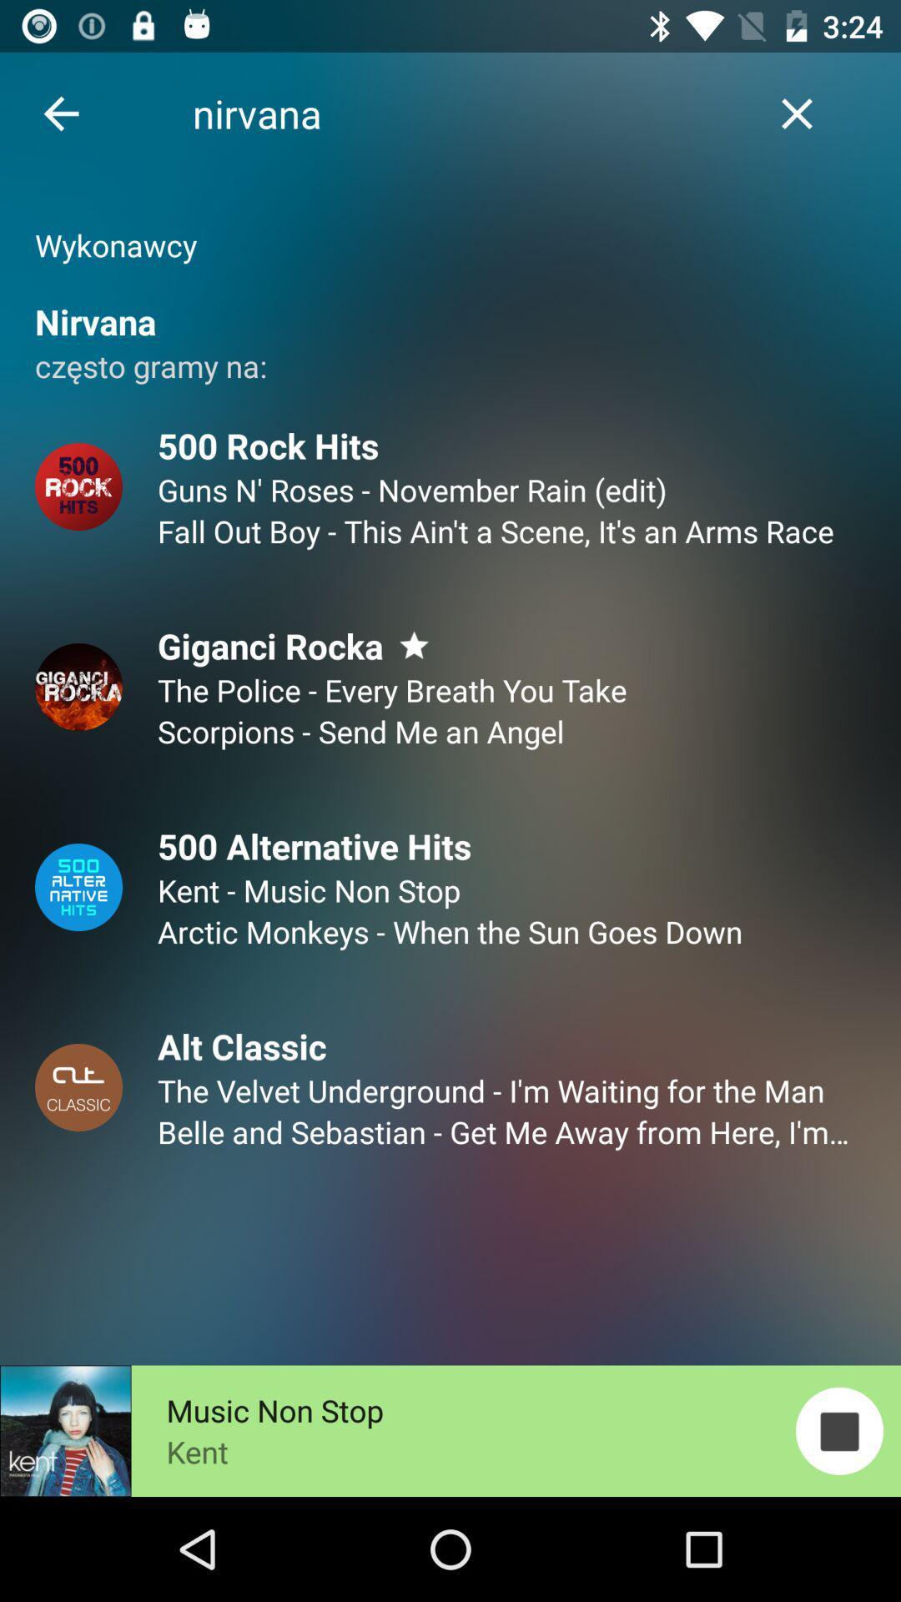 This screenshot has width=901, height=1602. I want to click on the item to the right of nirvana, so click(796, 113).